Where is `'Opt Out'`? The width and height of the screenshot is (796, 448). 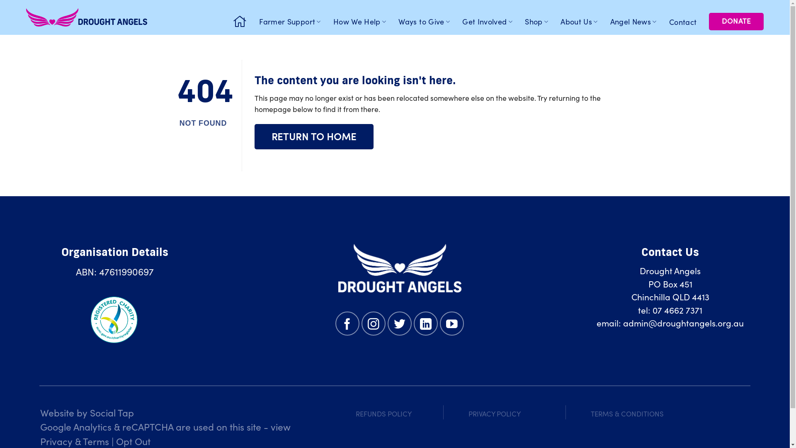
'Opt Out' is located at coordinates (133, 441).